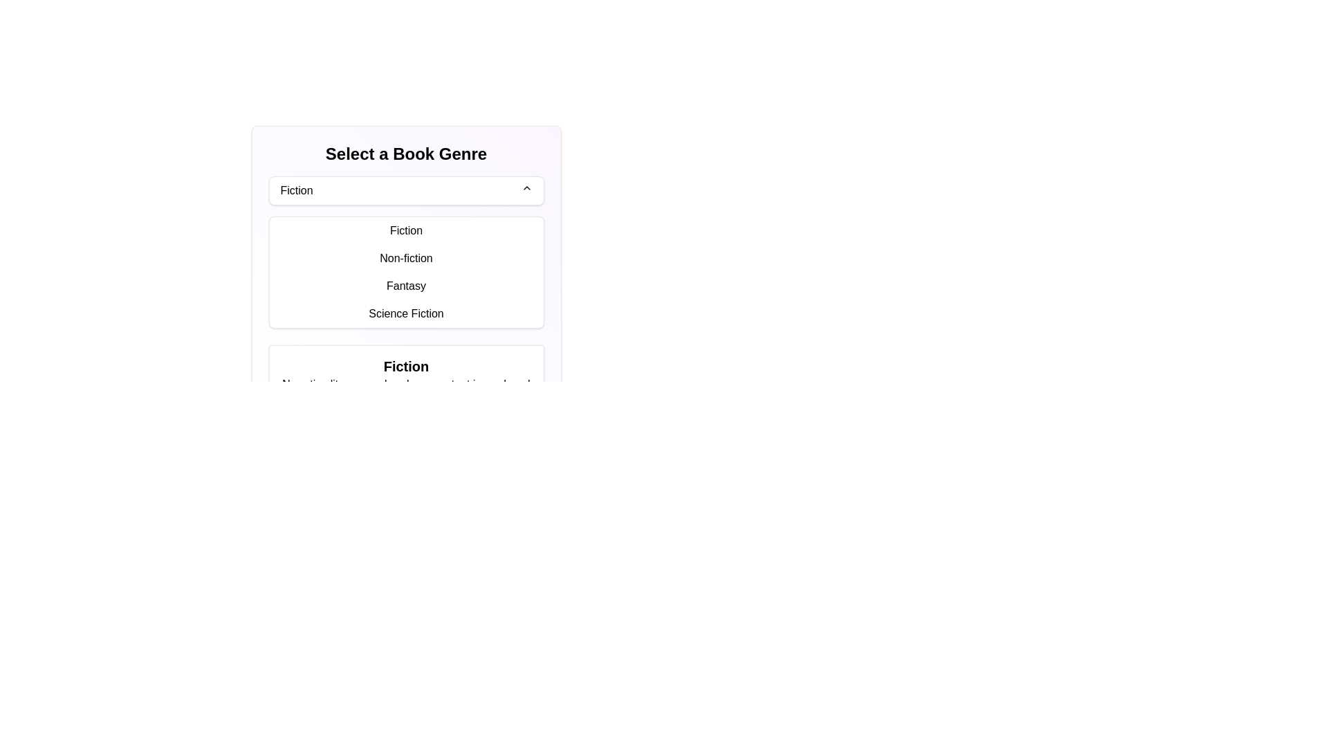  What do you see at coordinates (405, 383) in the screenshot?
I see `text from the informational card that provides a description for the Fiction genre, located below the dropdown list of book genres in the 'Select a Book Genre' section` at bounding box center [405, 383].